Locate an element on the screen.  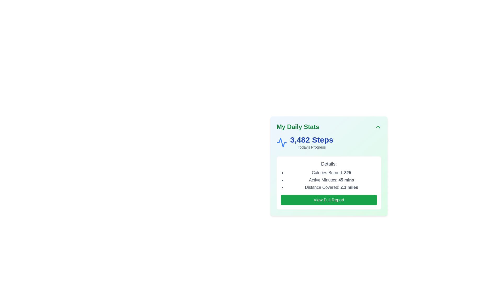
recorded distance traveled displayed in the Static Display Text, which is the third item in the statistics list within the 'Details' section is located at coordinates (331, 187).